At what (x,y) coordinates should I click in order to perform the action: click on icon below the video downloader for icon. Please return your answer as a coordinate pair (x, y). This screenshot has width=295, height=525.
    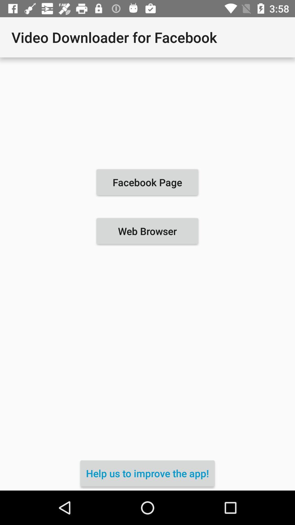
    Looking at the image, I should click on (147, 182).